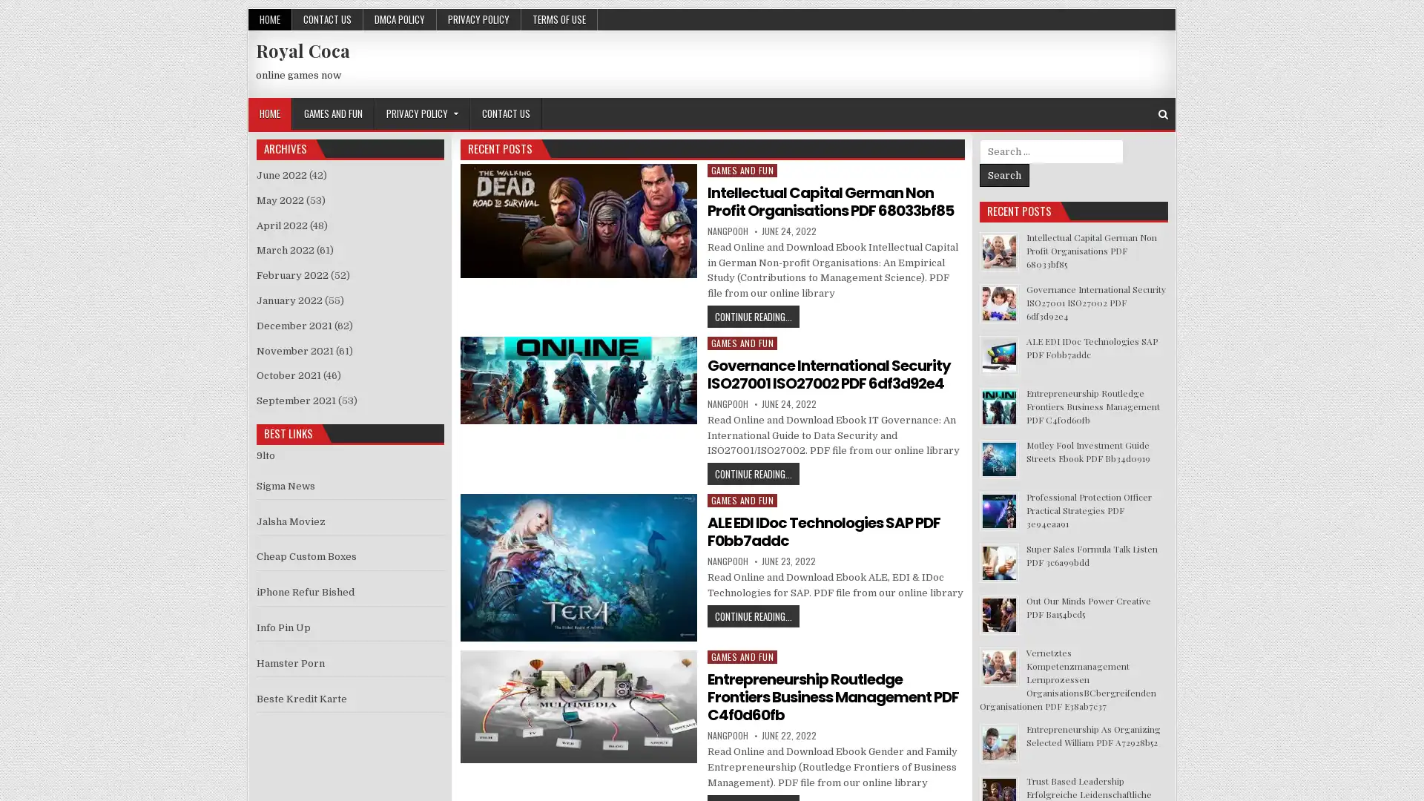 The width and height of the screenshot is (1424, 801). I want to click on Search, so click(1004, 174).